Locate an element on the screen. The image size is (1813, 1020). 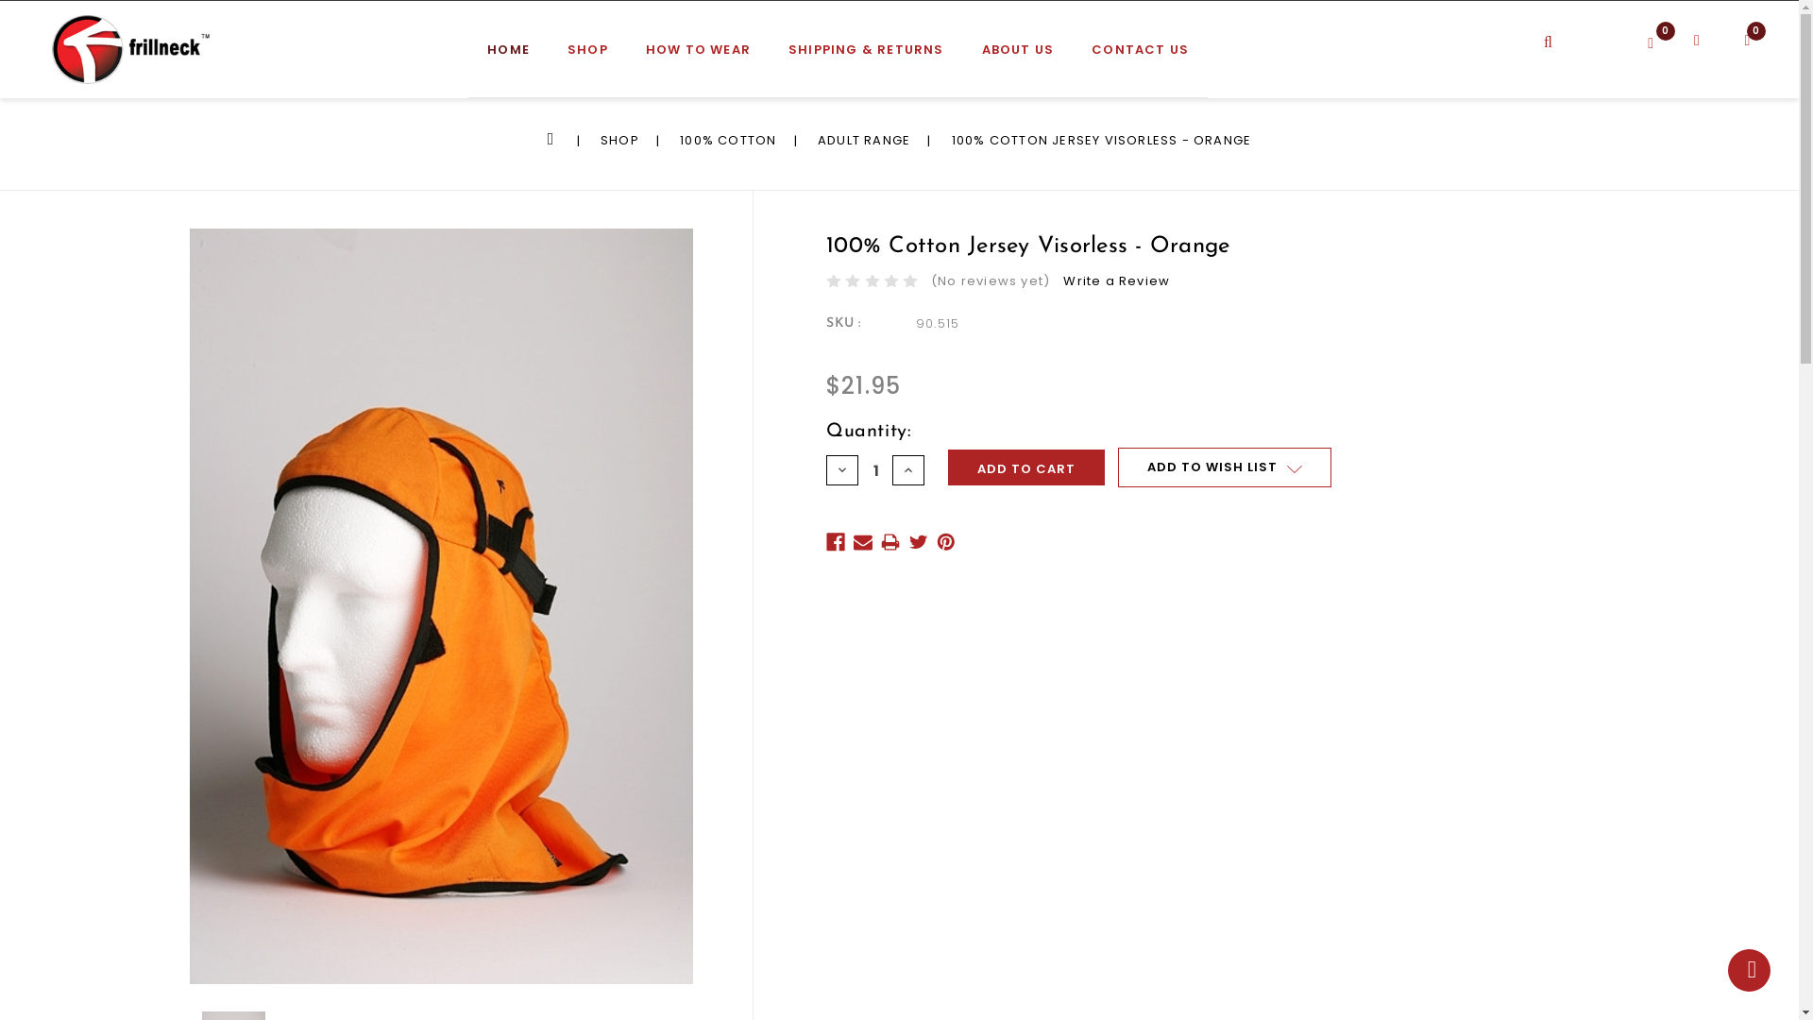
'SHIPPING & RETURNS' is located at coordinates (865, 57).